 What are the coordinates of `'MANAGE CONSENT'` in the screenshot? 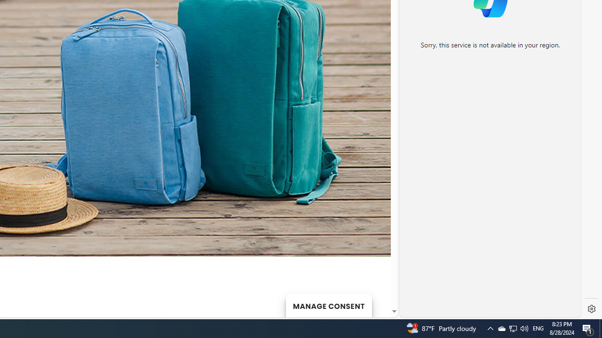 It's located at (328, 305).